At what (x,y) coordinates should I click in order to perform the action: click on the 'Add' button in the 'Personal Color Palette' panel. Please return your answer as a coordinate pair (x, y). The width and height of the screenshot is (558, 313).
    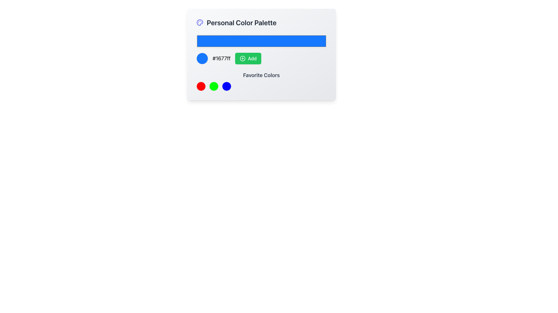
    Looking at the image, I should click on (261, 49).